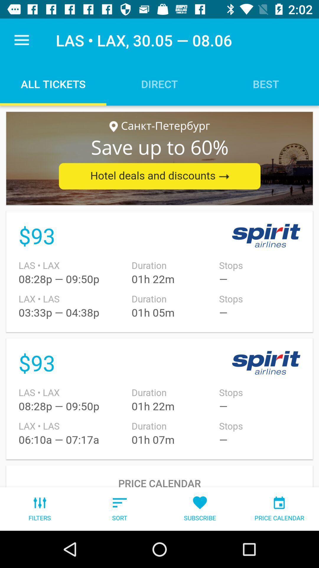 This screenshot has height=568, width=319. What do you see at coordinates (159, 158) in the screenshot?
I see `the advertisement` at bounding box center [159, 158].